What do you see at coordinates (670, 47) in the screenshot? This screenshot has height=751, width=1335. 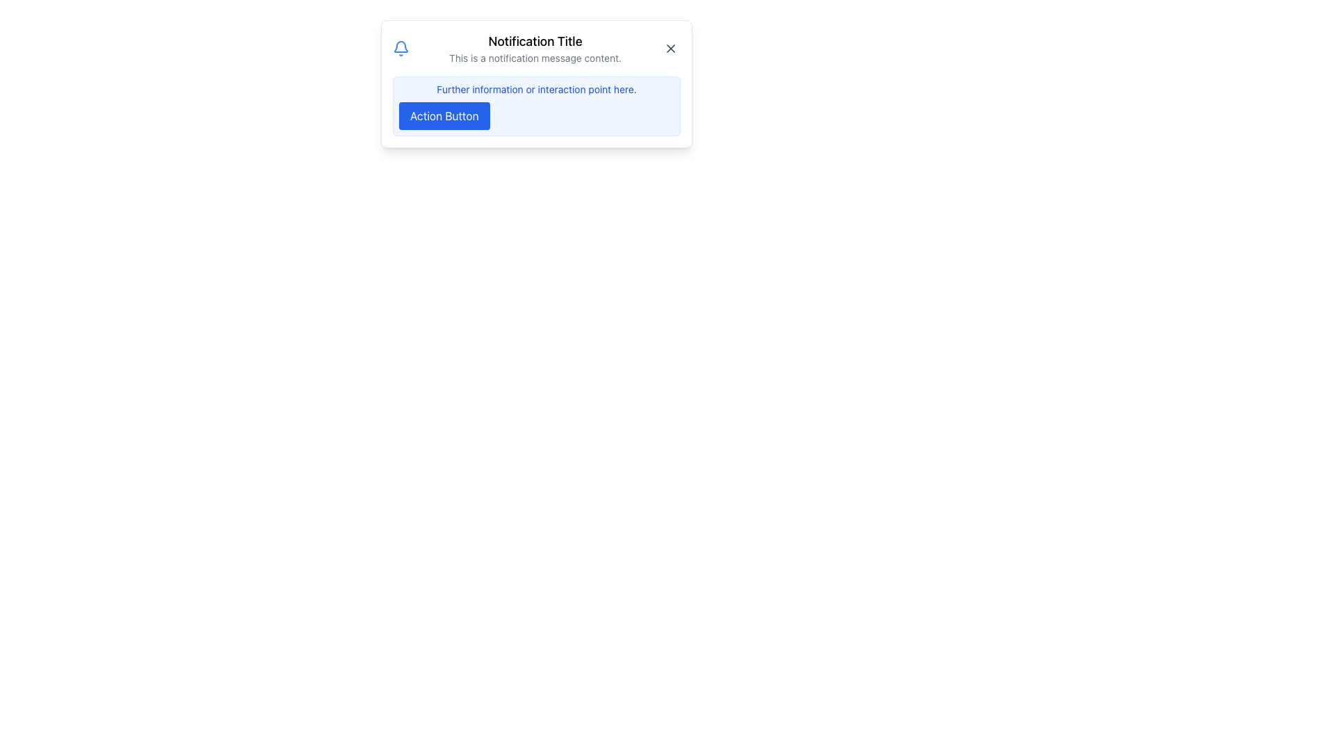 I see `the small circular button with an 'X' icon in the upper-right corner of the notification box` at bounding box center [670, 47].